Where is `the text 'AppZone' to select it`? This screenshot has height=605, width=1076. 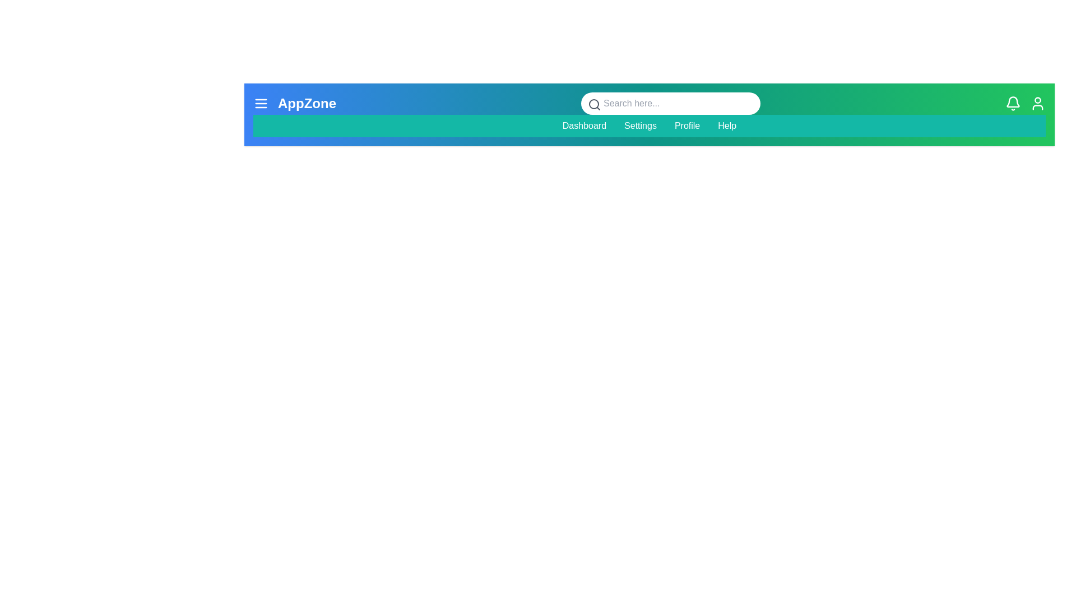
the text 'AppZone' to select it is located at coordinates (307, 104).